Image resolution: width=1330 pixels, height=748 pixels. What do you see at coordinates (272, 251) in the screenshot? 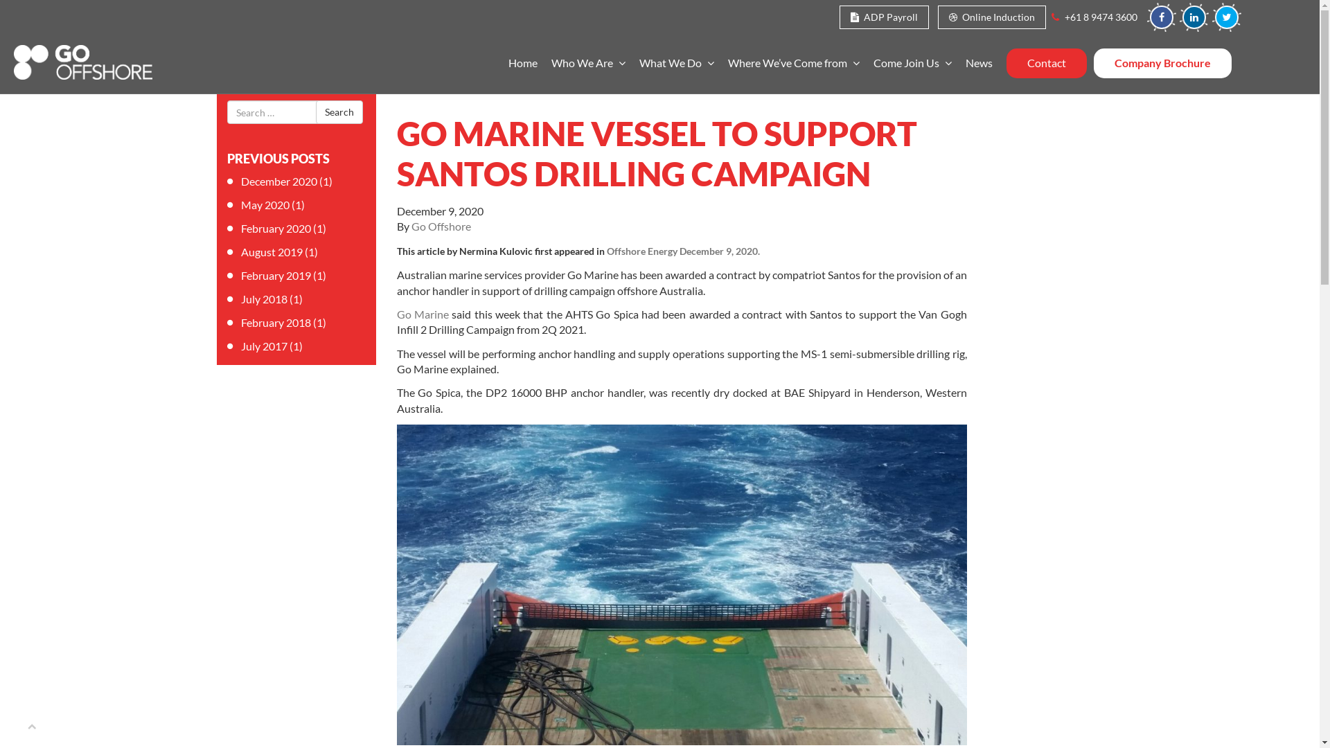
I see `'August 2019'` at bounding box center [272, 251].